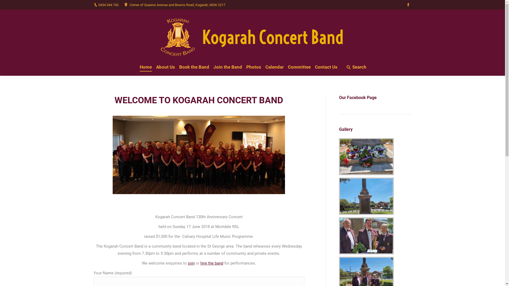 This screenshot has width=509, height=286. What do you see at coordinates (264, 67) in the screenshot?
I see `'Calendar'` at bounding box center [264, 67].